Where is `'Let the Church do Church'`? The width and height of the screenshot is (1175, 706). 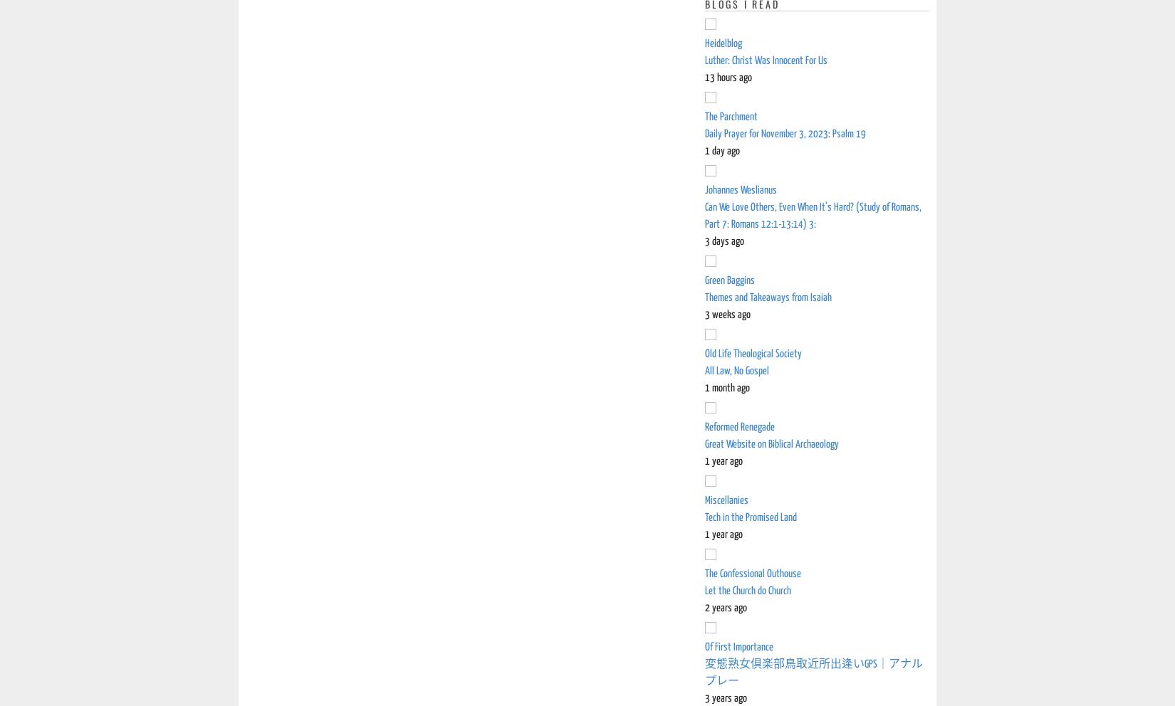 'Let the Church do Church' is located at coordinates (748, 590).